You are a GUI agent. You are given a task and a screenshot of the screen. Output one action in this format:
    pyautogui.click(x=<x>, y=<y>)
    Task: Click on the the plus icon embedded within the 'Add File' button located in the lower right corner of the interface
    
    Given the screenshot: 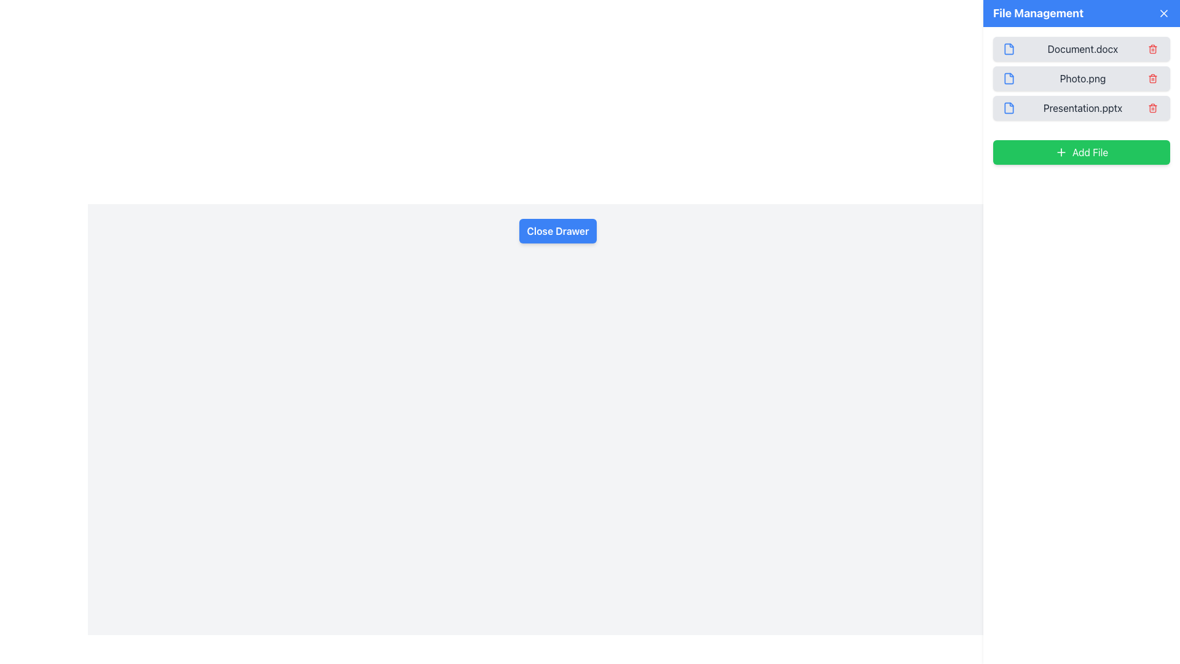 What is the action you would take?
    pyautogui.click(x=1060, y=151)
    